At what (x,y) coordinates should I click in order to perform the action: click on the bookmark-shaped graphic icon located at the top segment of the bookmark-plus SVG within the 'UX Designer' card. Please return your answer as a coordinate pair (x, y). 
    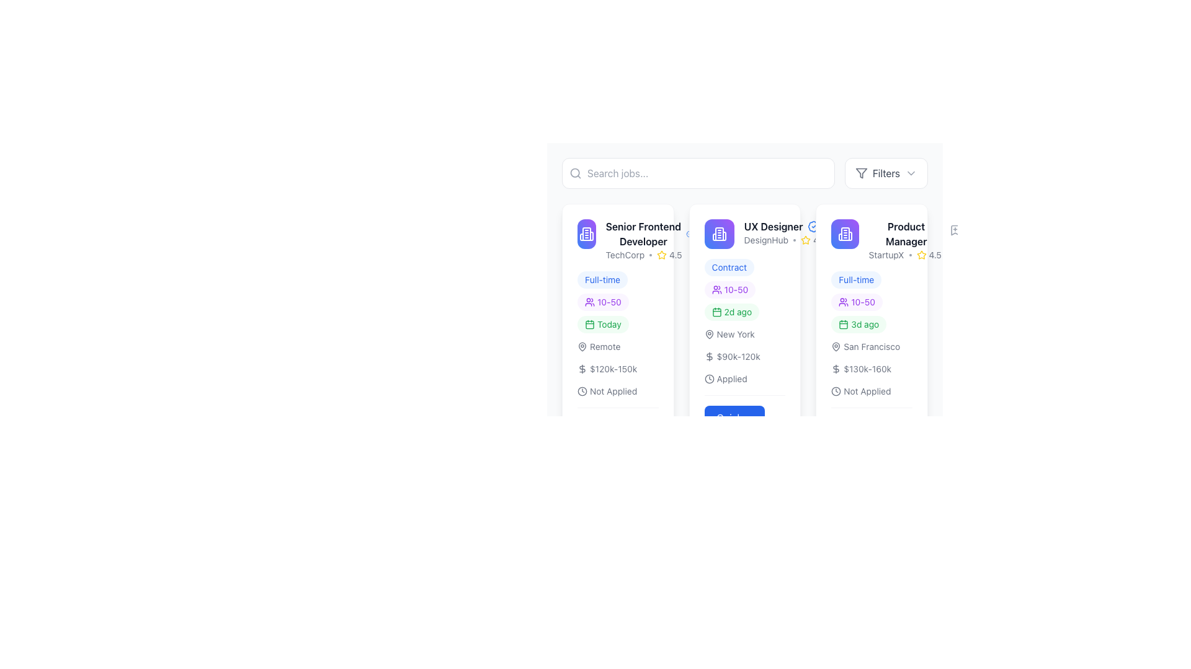
    Looking at the image, I should click on (705, 230).